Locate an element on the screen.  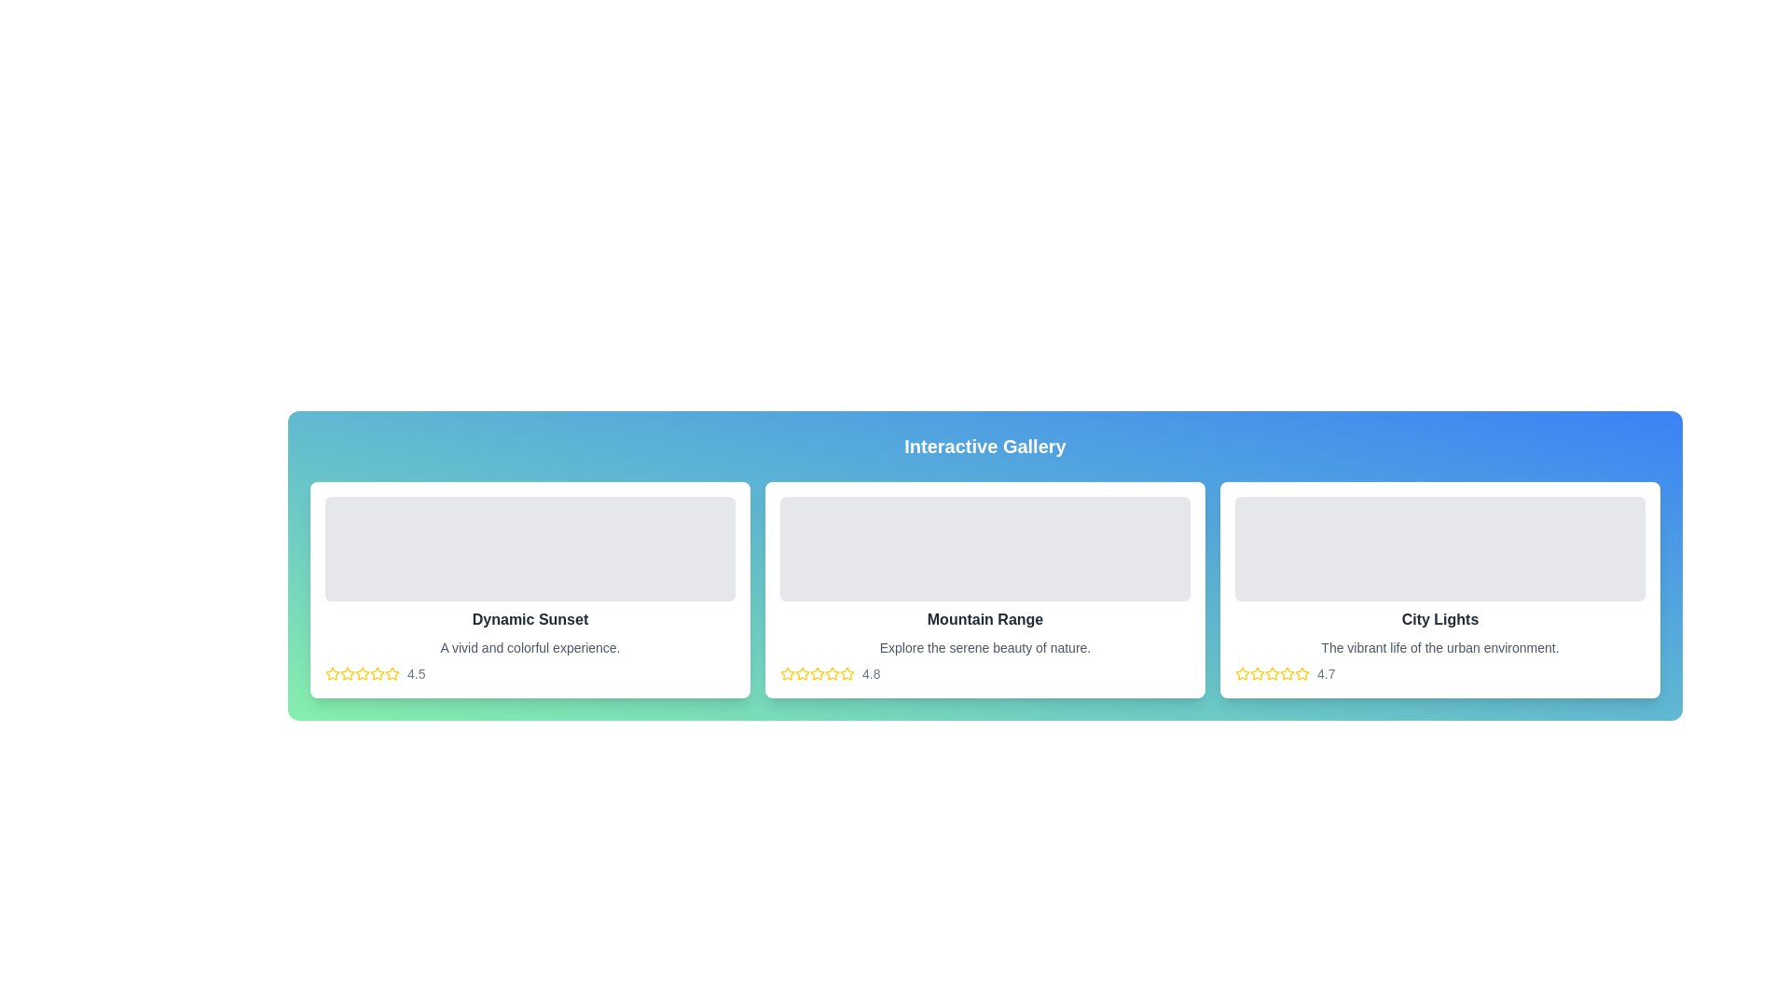
the first star in the five-star rating system located at the bottom left corner of the third card titled 'City Lights' is located at coordinates (1243, 673).